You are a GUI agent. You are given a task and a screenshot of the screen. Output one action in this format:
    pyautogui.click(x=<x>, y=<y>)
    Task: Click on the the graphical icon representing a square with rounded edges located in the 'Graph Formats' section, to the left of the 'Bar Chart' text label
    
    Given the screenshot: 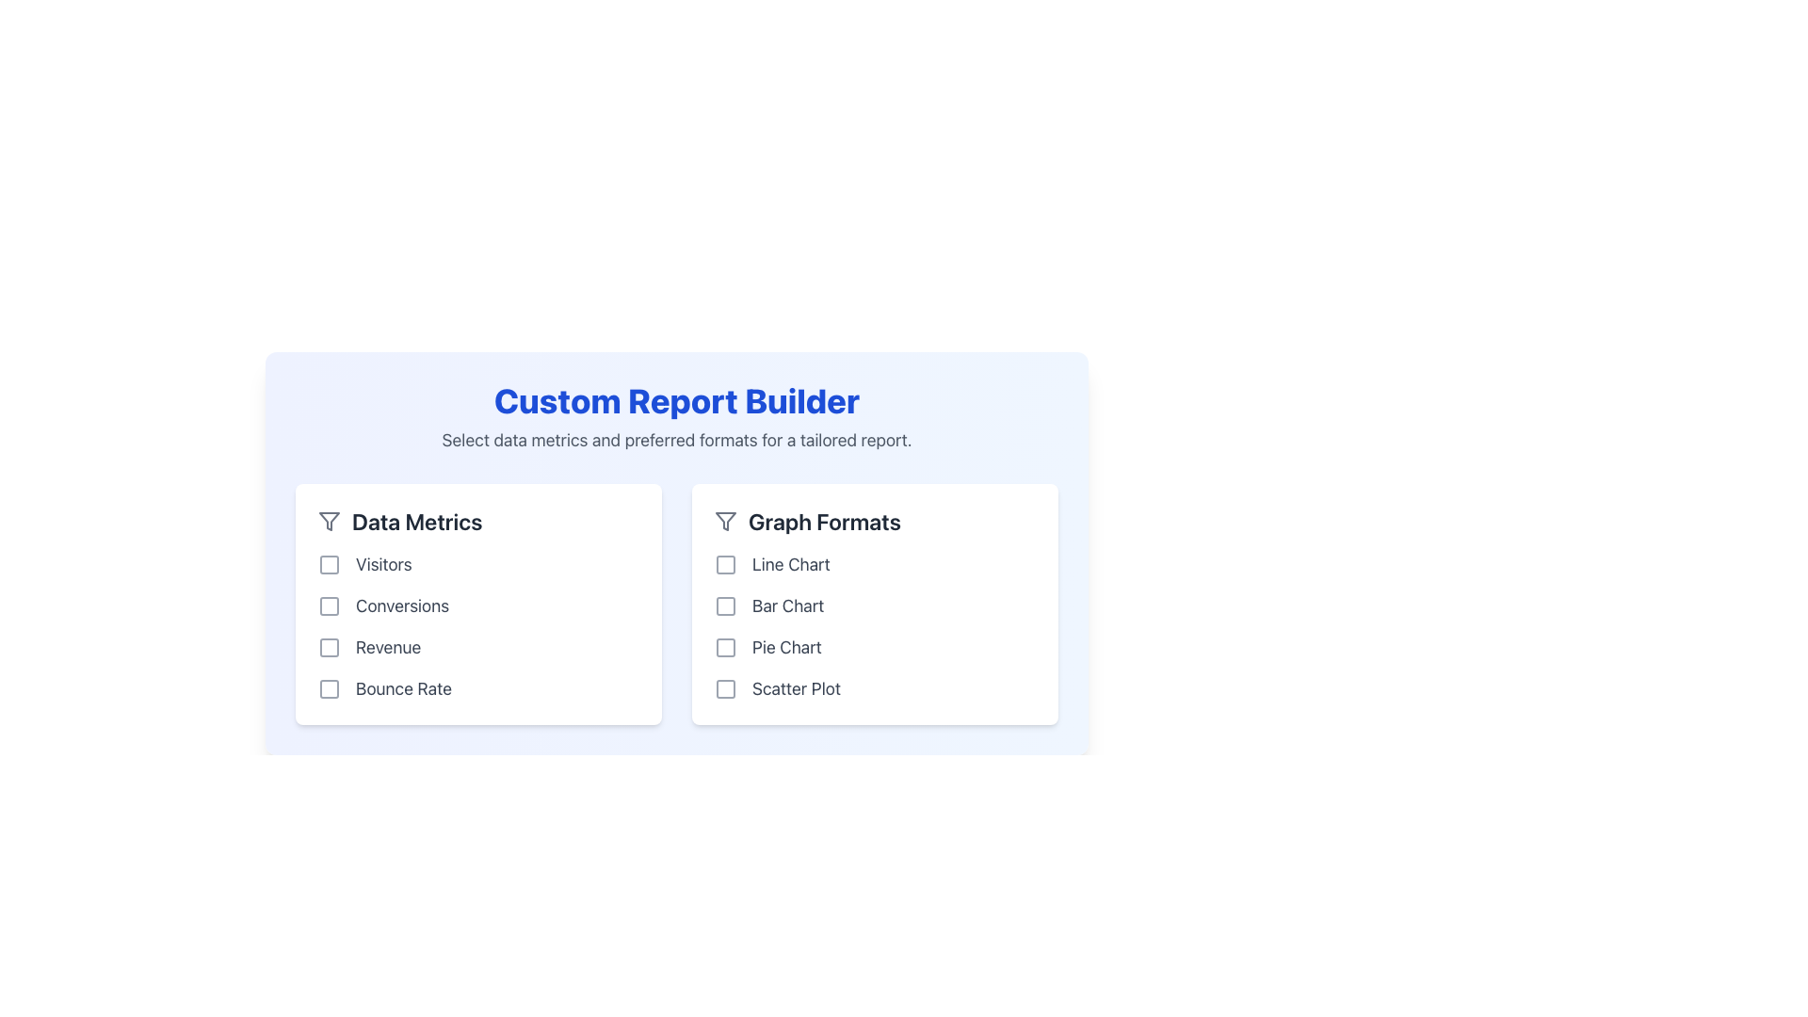 What is the action you would take?
    pyautogui.click(x=725, y=606)
    